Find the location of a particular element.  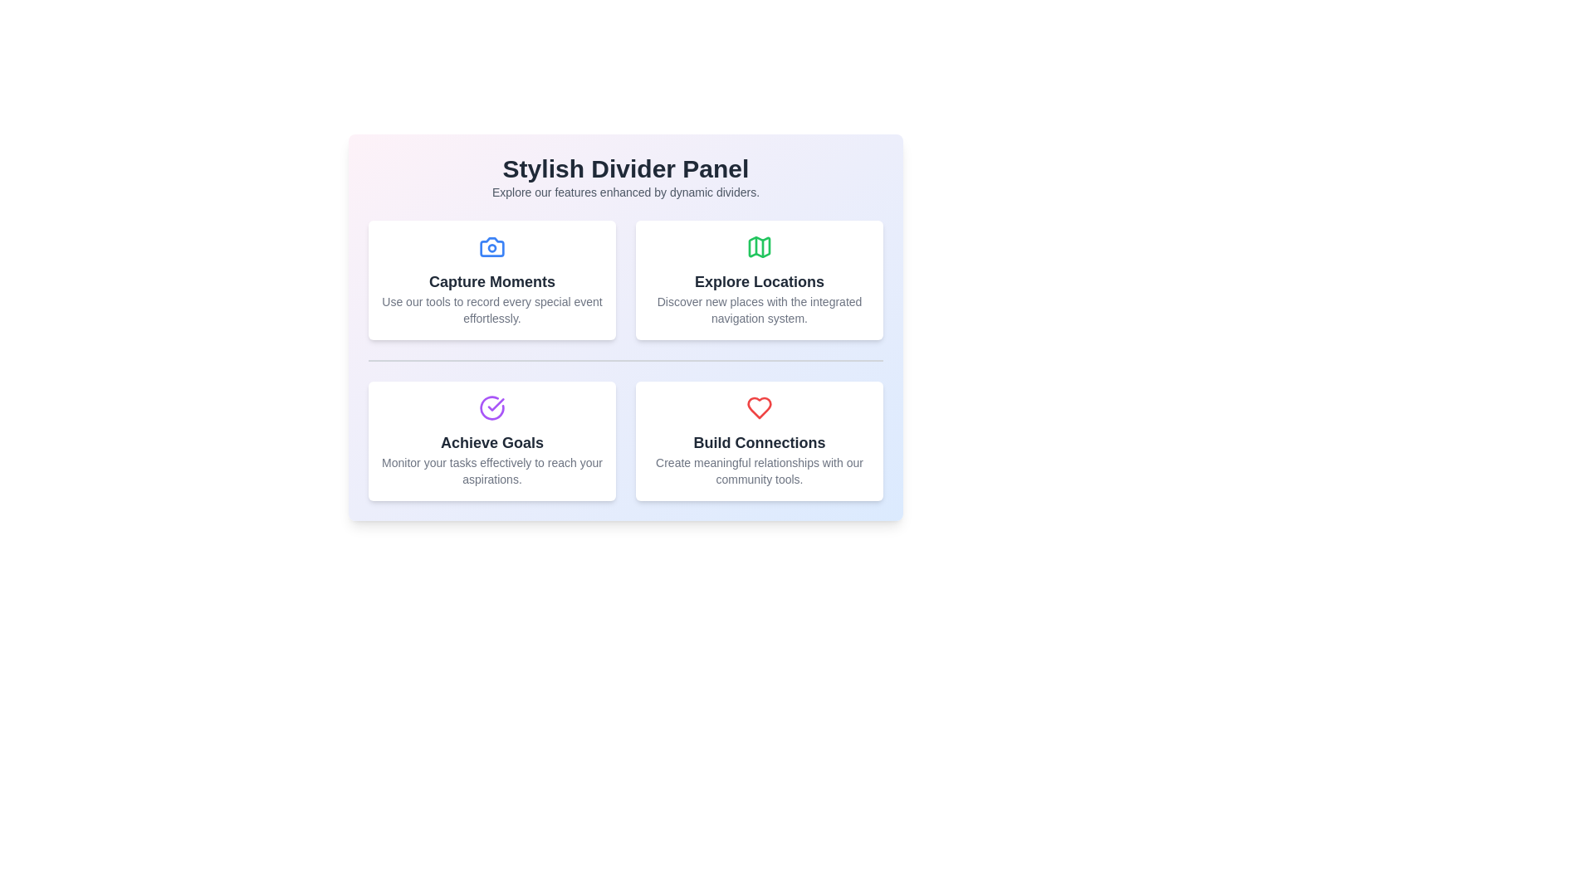

text on the promotional card located in the bottom-right corner of the 2x2 grid layout, positioned to the right of the 'Achieve Goals' card and below the 'Explore Locations' card is located at coordinates (759, 441).